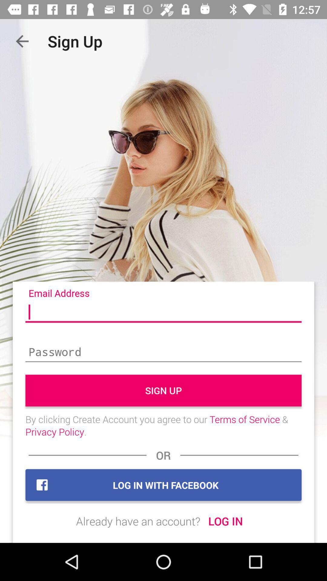 The height and width of the screenshot is (581, 327). I want to click on the already have an, so click(138, 521).